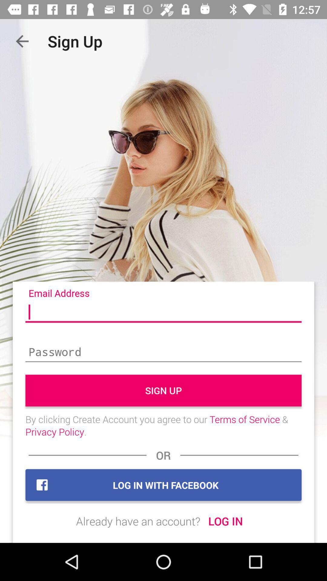 The height and width of the screenshot is (581, 327). I want to click on the already have an, so click(138, 521).